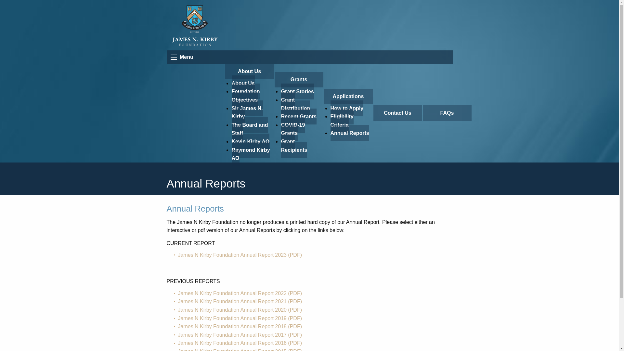  Describe the element at coordinates (446, 112) in the screenshot. I see `'FAQs'` at that location.